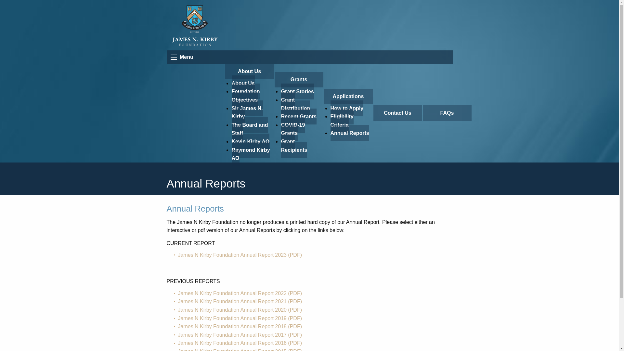  Describe the element at coordinates (446, 112) in the screenshot. I see `'FAQs'` at that location.